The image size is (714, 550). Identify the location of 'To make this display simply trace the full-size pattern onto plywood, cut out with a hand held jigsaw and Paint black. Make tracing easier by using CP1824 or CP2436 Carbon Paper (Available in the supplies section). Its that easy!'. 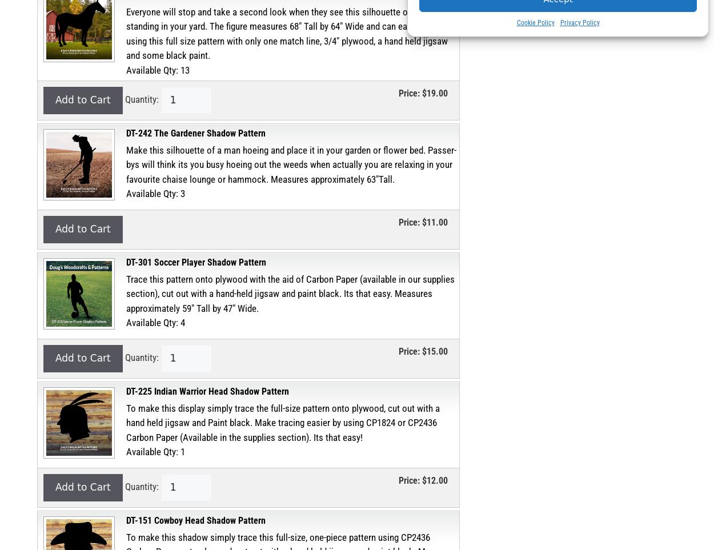
(282, 421).